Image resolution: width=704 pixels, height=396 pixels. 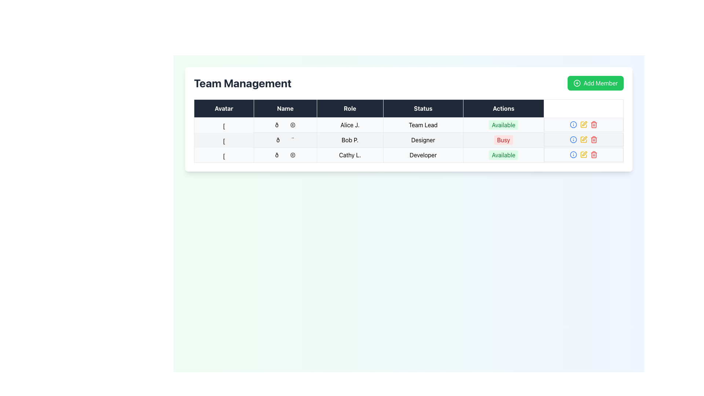 What do you see at coordinates (503, 124) in the screenshot?
I see `the Text Label indicating the availability status of team member 'Alice J.' in the 'Actions' column of the first row of the team members table` at bounding box center [503, 124].